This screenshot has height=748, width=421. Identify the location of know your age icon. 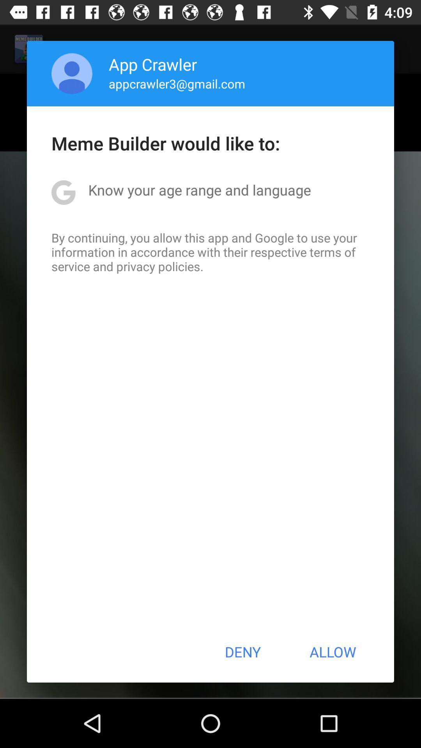
(199, 190).